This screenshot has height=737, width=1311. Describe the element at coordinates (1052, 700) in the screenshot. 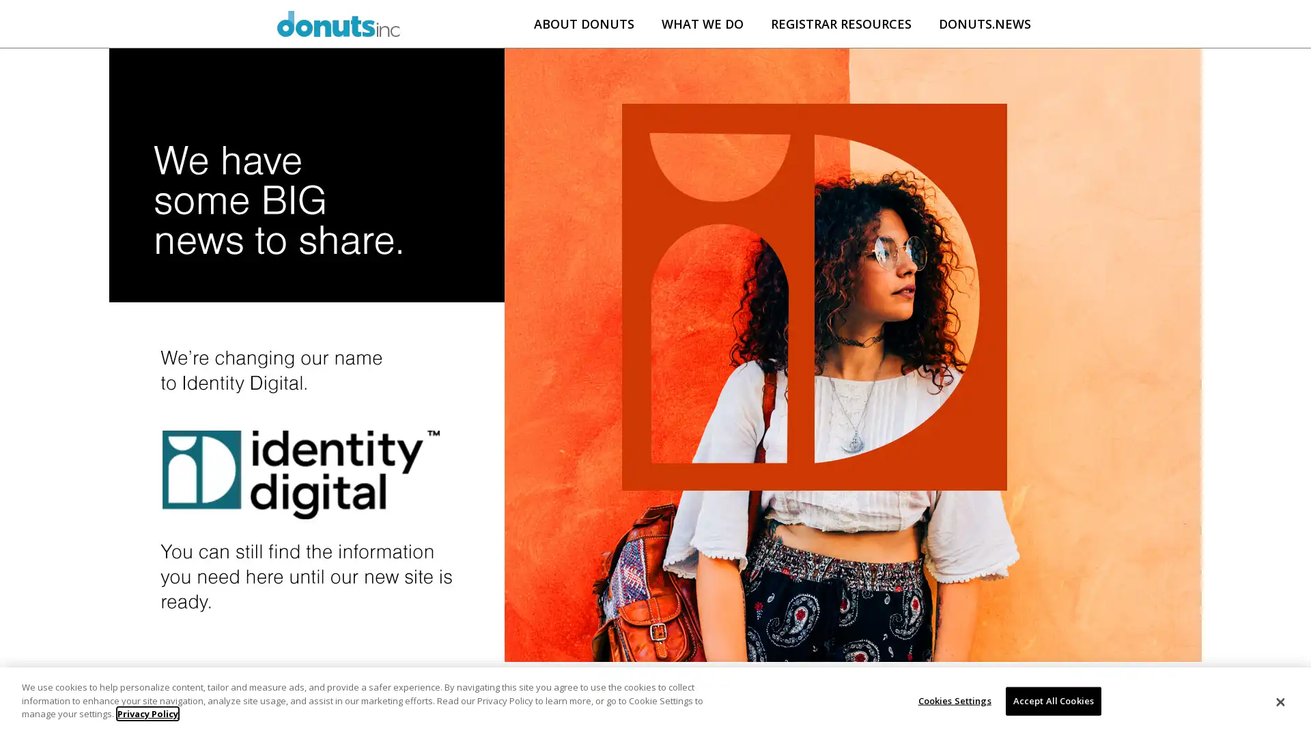

I see `Accept All Cookies` at that location.